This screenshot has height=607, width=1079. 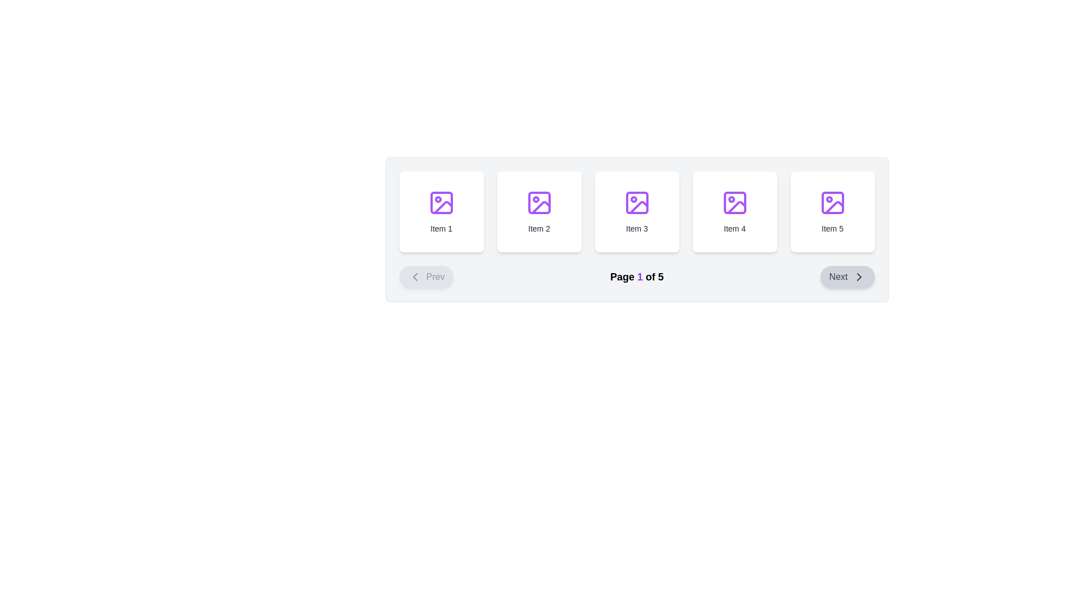 I want to click on the right-pointing arrow icon used for navigation to the next page, located on the far-right of the pagination section next to the 'Next' button, so click(x=858, y=277).